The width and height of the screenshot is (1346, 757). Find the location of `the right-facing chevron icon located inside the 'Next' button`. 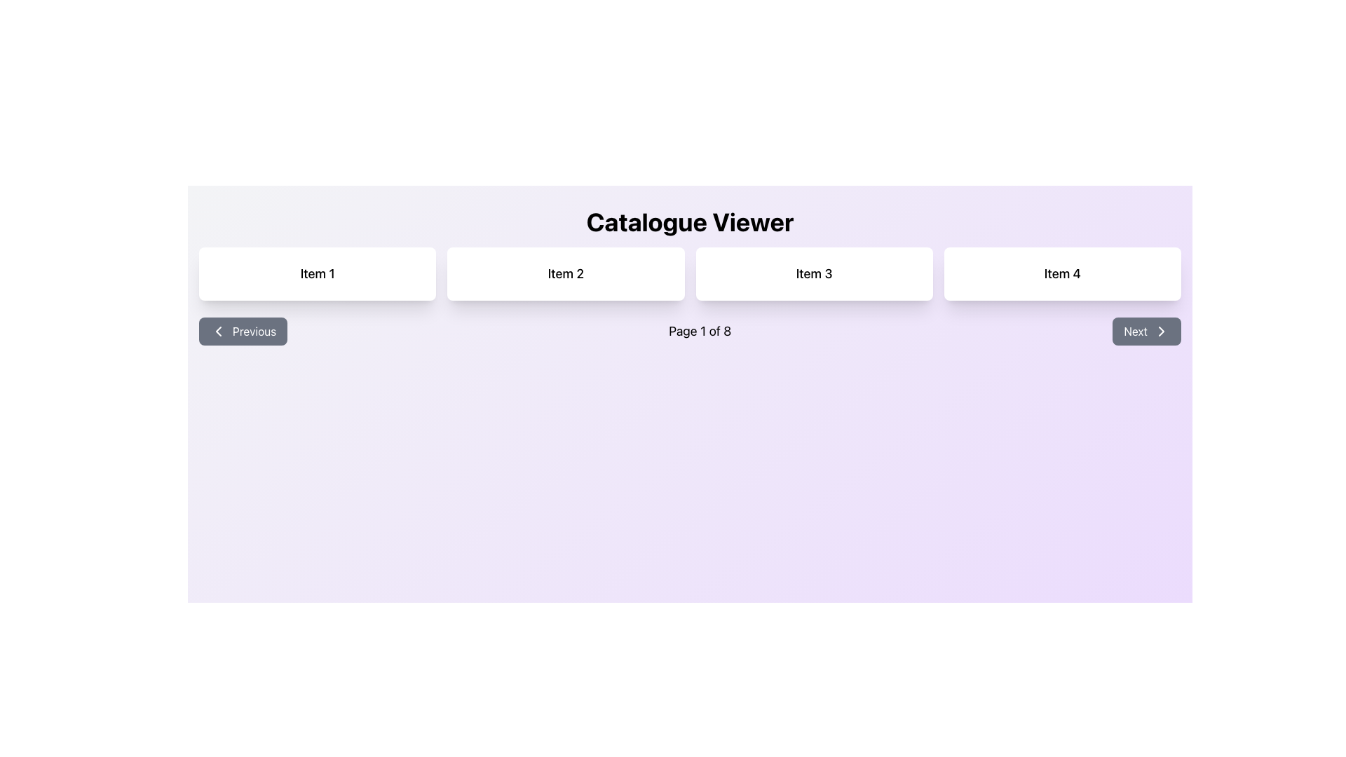

the right-facing chevron icon located inside the 'Next' button is located at coordinates (1161, 332).